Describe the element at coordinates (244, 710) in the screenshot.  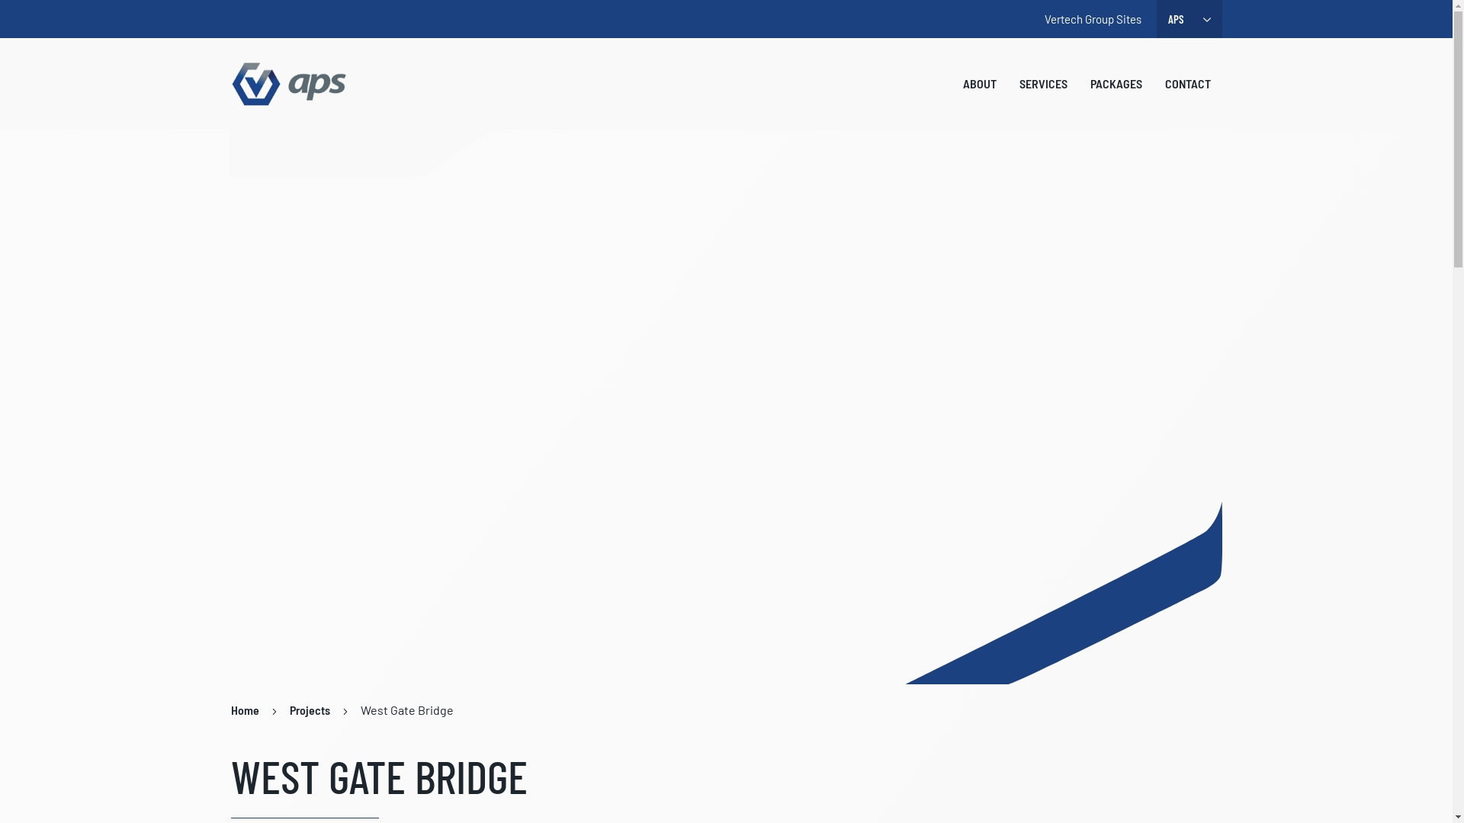
I see `'Home'` at that location.